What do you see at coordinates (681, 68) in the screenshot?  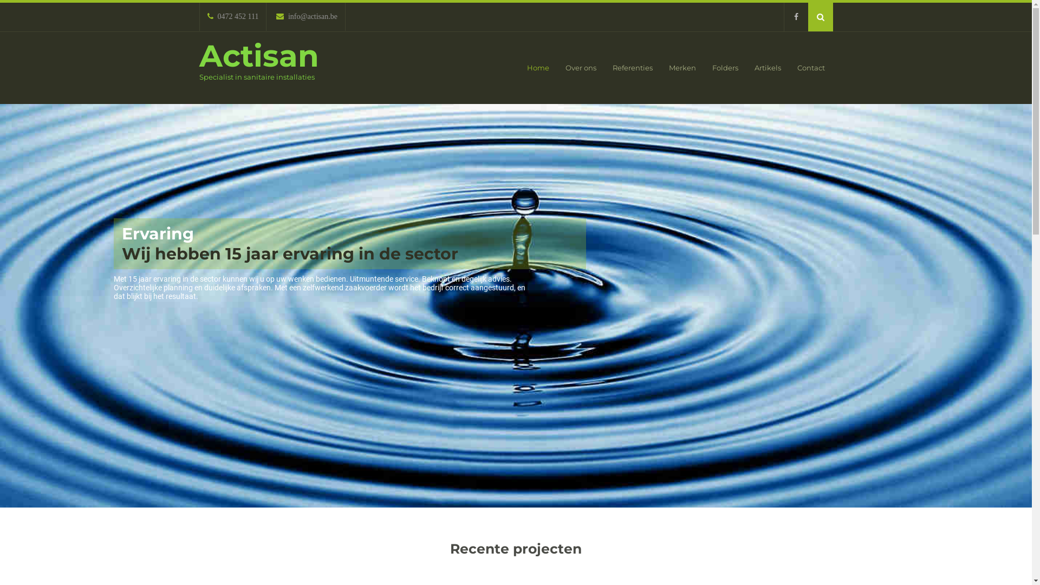 I see `'Merken'` at bounding box center [681, 68].